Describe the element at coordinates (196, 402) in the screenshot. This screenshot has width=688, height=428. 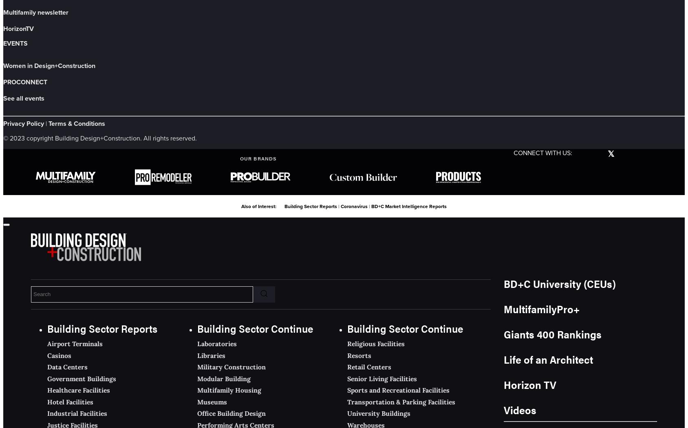
I see `'Museums'` at that location.